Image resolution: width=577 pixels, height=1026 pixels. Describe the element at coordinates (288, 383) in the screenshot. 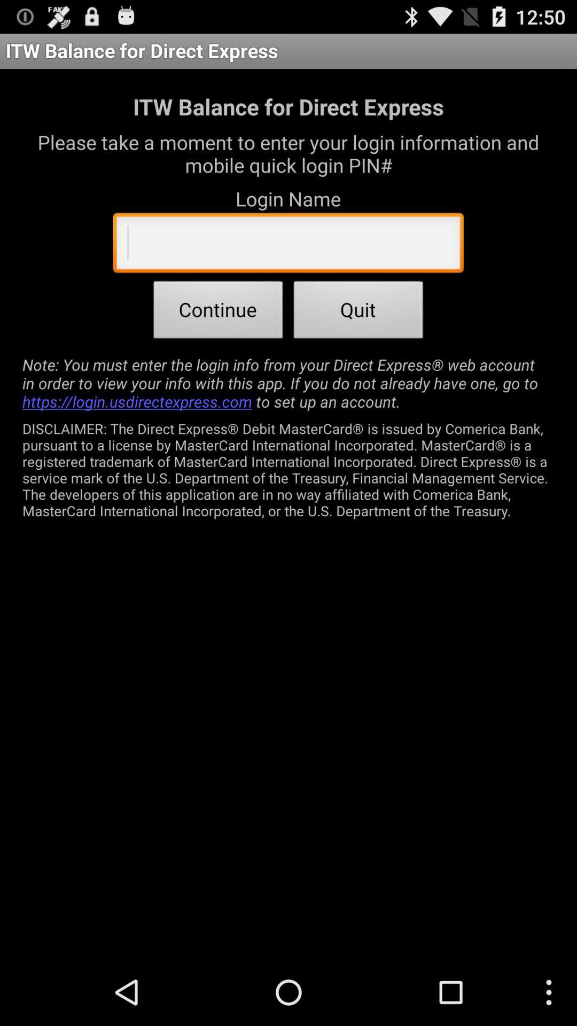

I see `note you must item` at that location.